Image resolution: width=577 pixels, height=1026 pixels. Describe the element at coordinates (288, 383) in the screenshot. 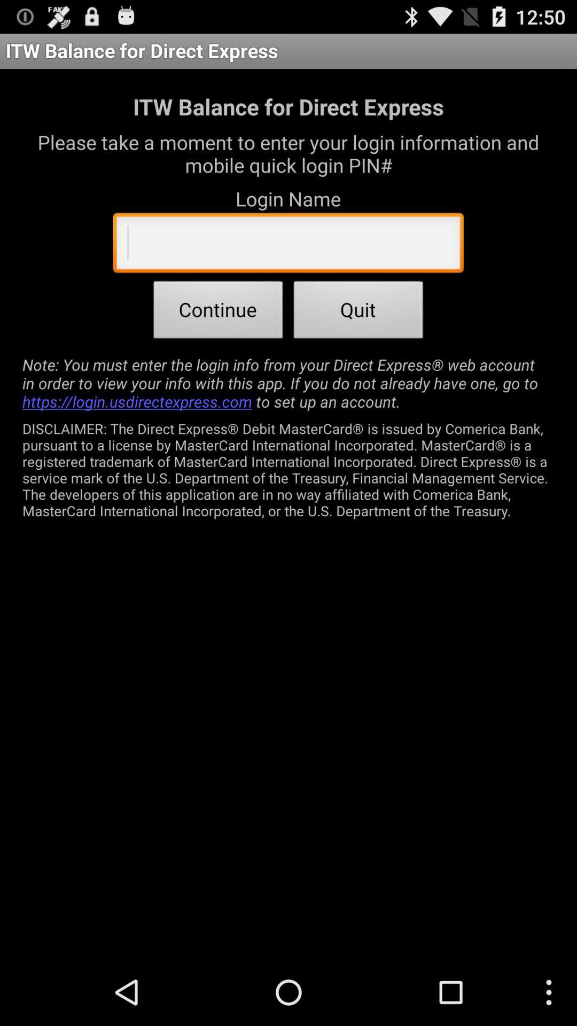

I see `note you must item` at that location.